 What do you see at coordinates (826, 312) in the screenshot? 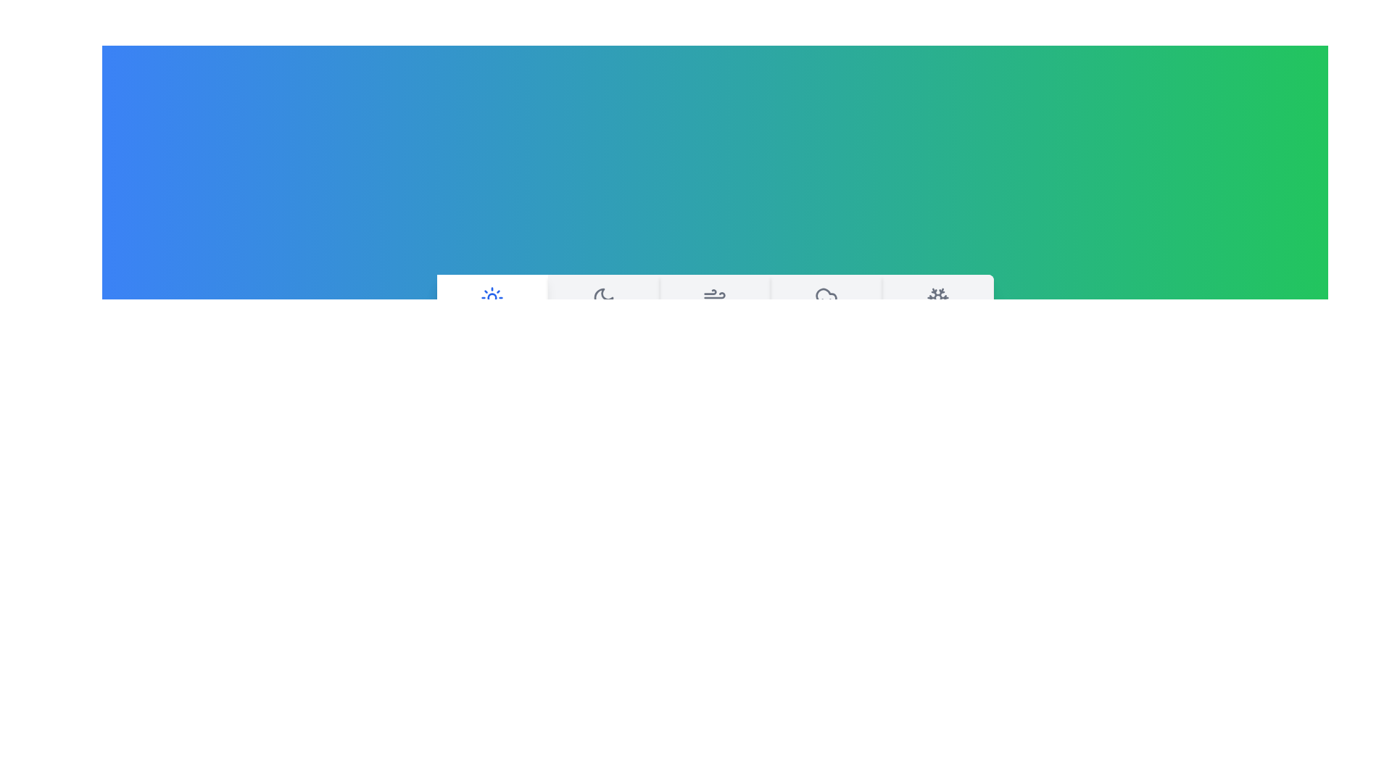
I see `the weather tab labeled Rainy` at bounding box center [826, 312].